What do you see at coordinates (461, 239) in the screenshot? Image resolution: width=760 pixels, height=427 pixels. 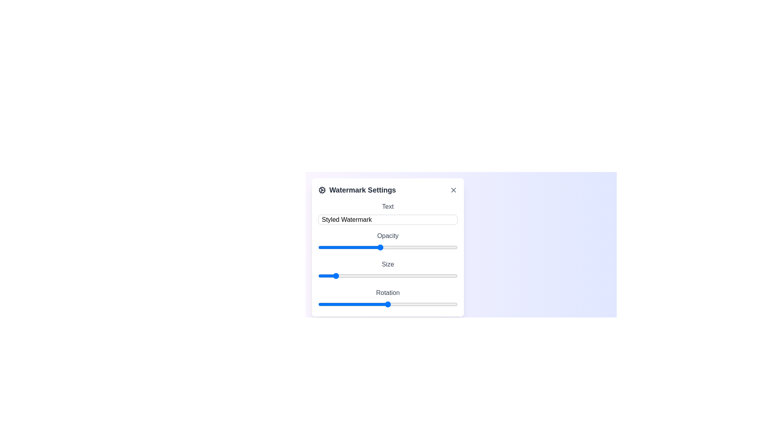 I see `within the Settings Panel to interact with its sub-elements for managing the watermark's properties` at bounding box center [461, 239].